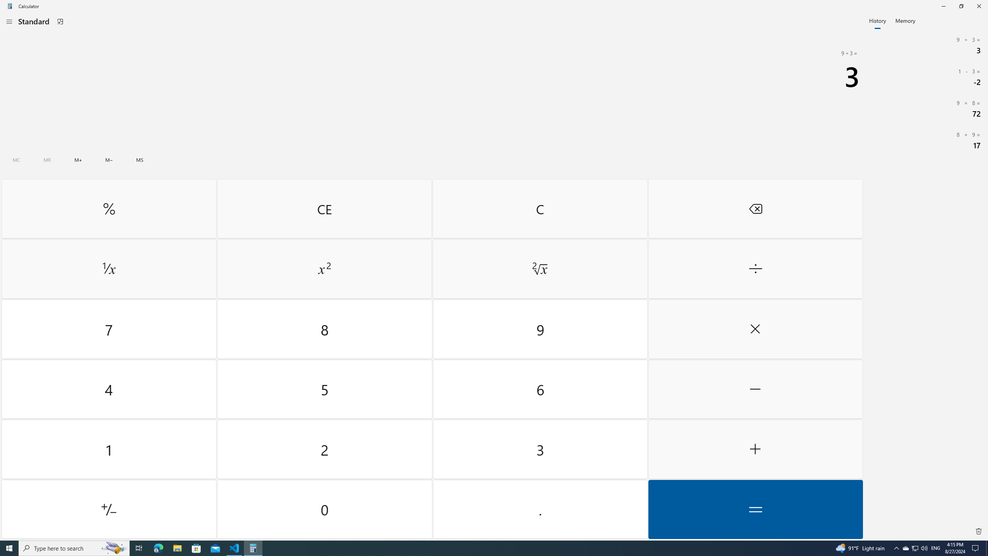 The width and height of the screenshot is (988, 556). What do you see at coordinates (108, 389) in the screenshot?
I see `'Four'` at bounding box center [108, 389].